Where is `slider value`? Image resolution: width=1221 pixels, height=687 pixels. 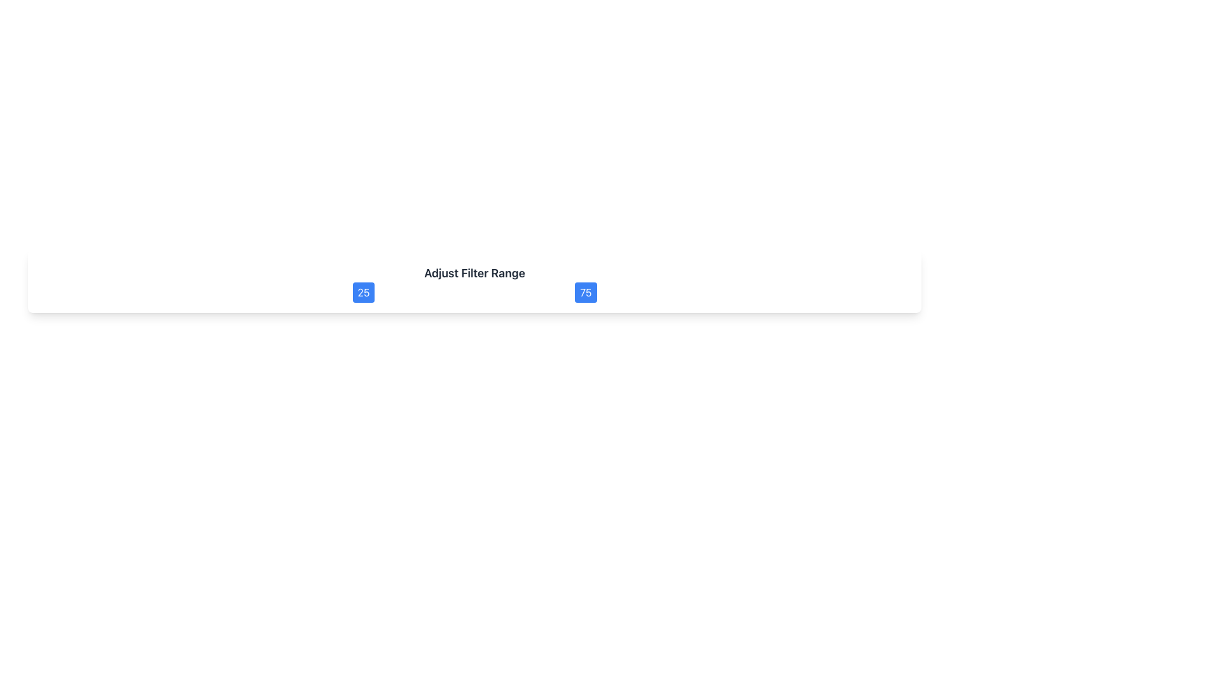
slider value is located at coordinates (532, 299).